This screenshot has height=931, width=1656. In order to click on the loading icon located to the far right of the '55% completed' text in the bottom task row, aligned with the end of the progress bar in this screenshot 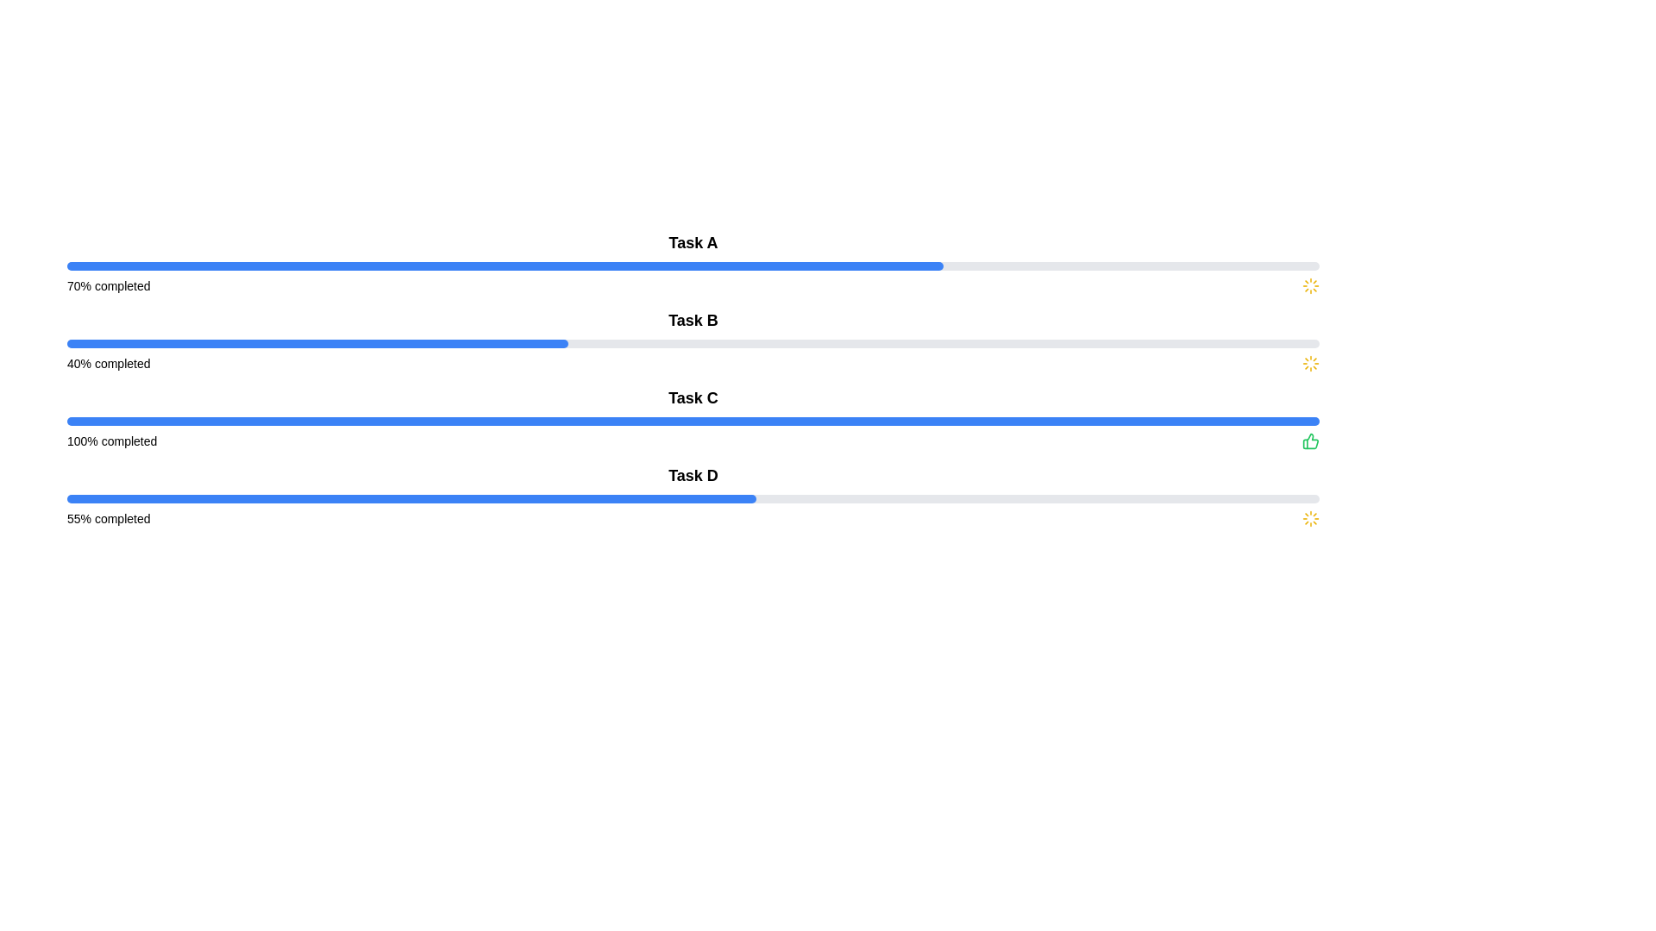, I will do `click(1311, 517)`.